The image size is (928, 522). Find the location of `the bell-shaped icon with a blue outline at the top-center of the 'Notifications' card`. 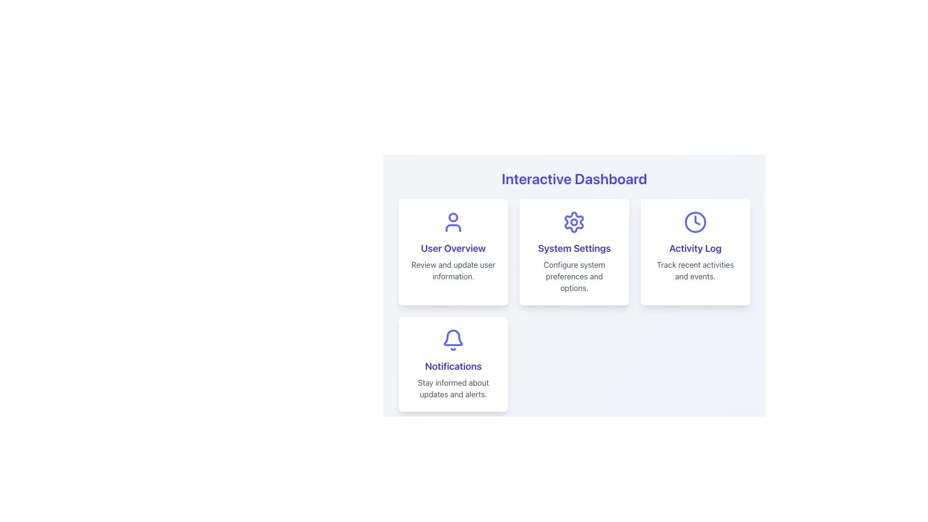

the bell-shaped icon with a blue outline at the top-center of the 'Notifications' card is located at coordinates (453, 340).